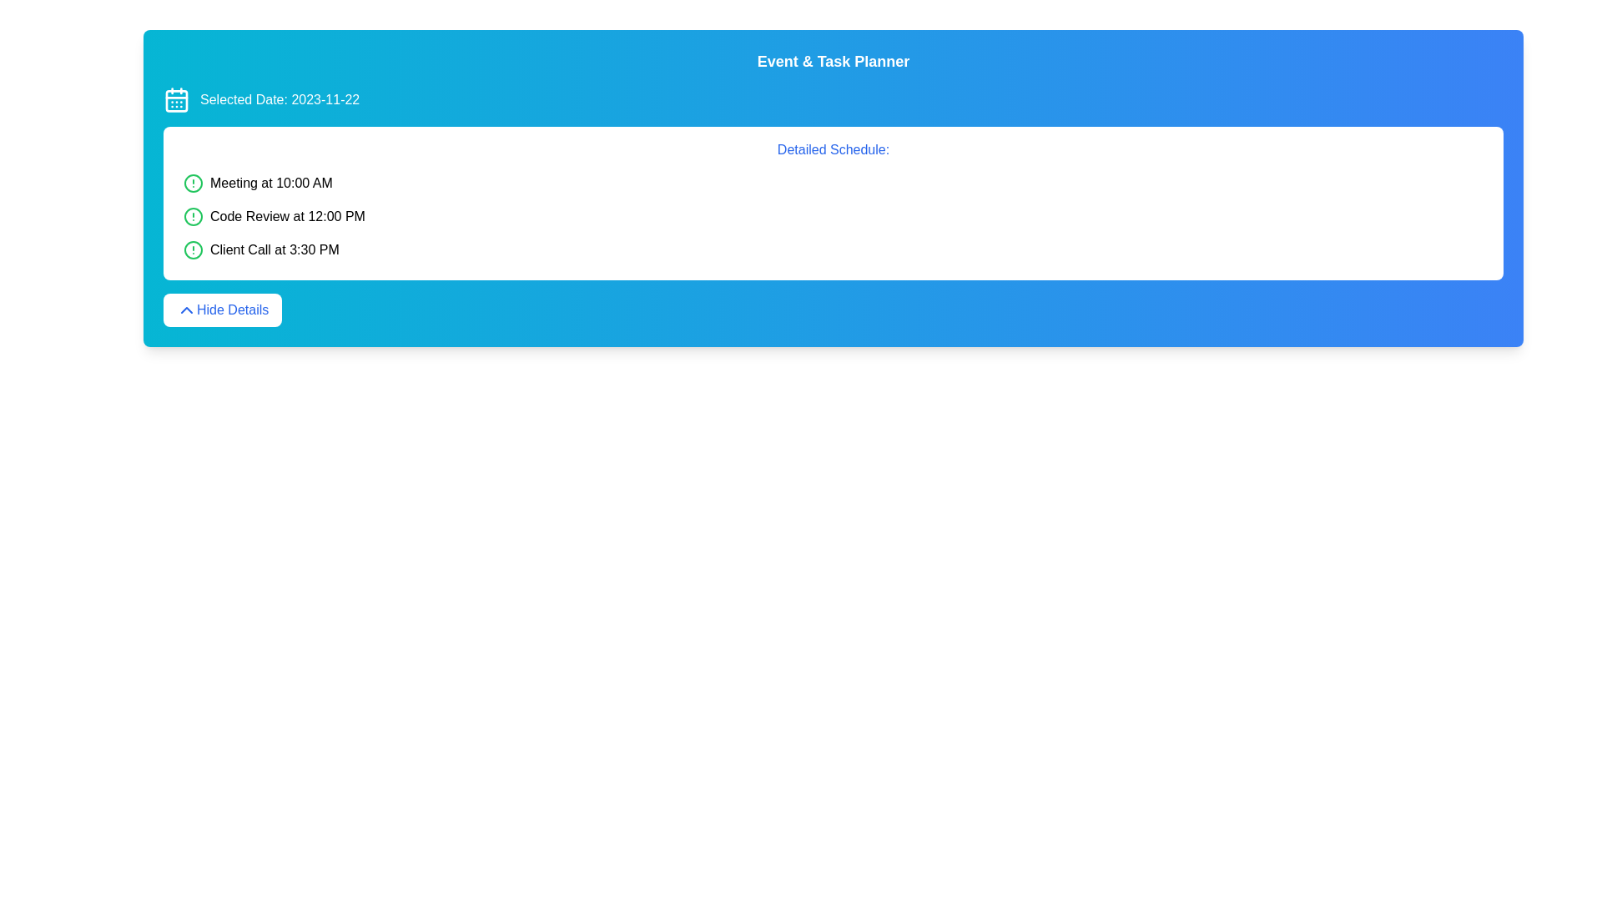 Image resolution: width=1602 pixels, height=901 pixels. What do you see at coordinates (193, 250) in the screenshot?
I see `the small green circular icon with a white interior and a vertical exclamation mark, located to the left of the text 'Client Call at 3:30 PM' in the schedule interface` at bounding box center [193, 250].